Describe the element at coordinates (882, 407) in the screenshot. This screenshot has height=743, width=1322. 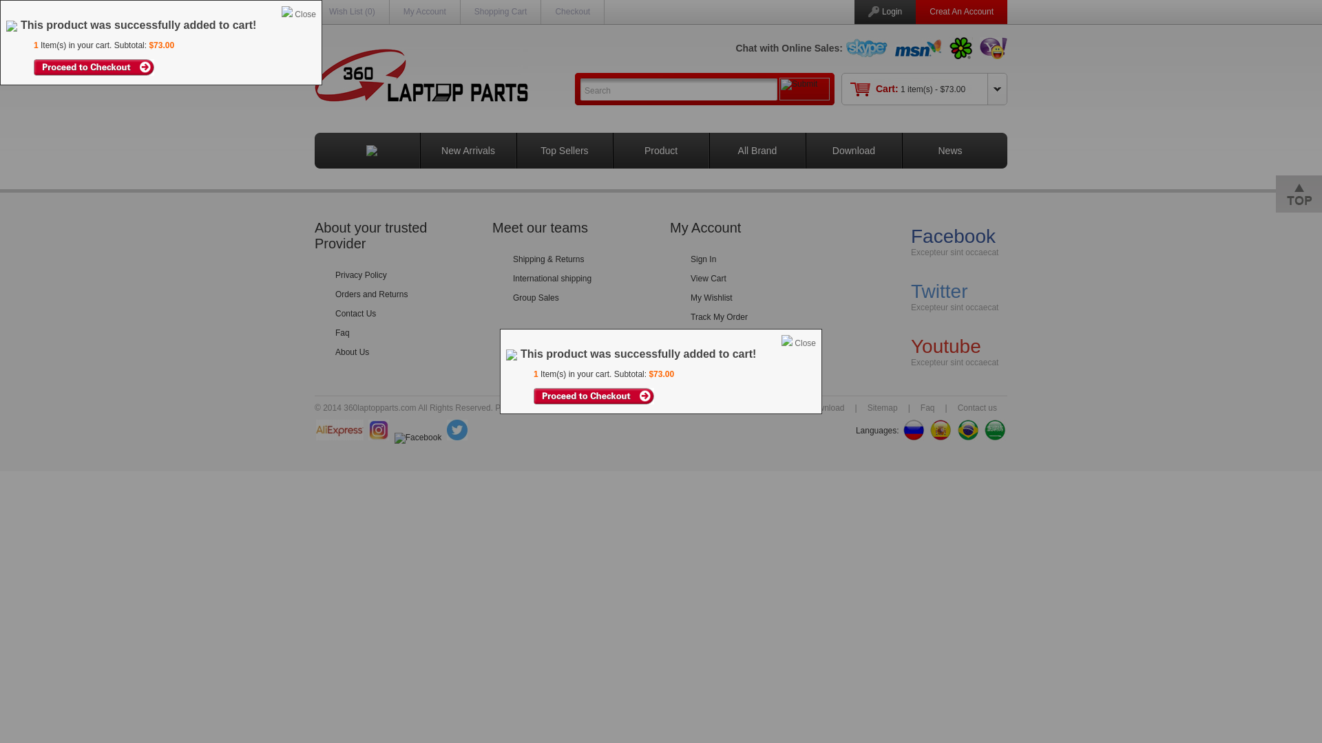
I see `'Sitemap'` at that location.